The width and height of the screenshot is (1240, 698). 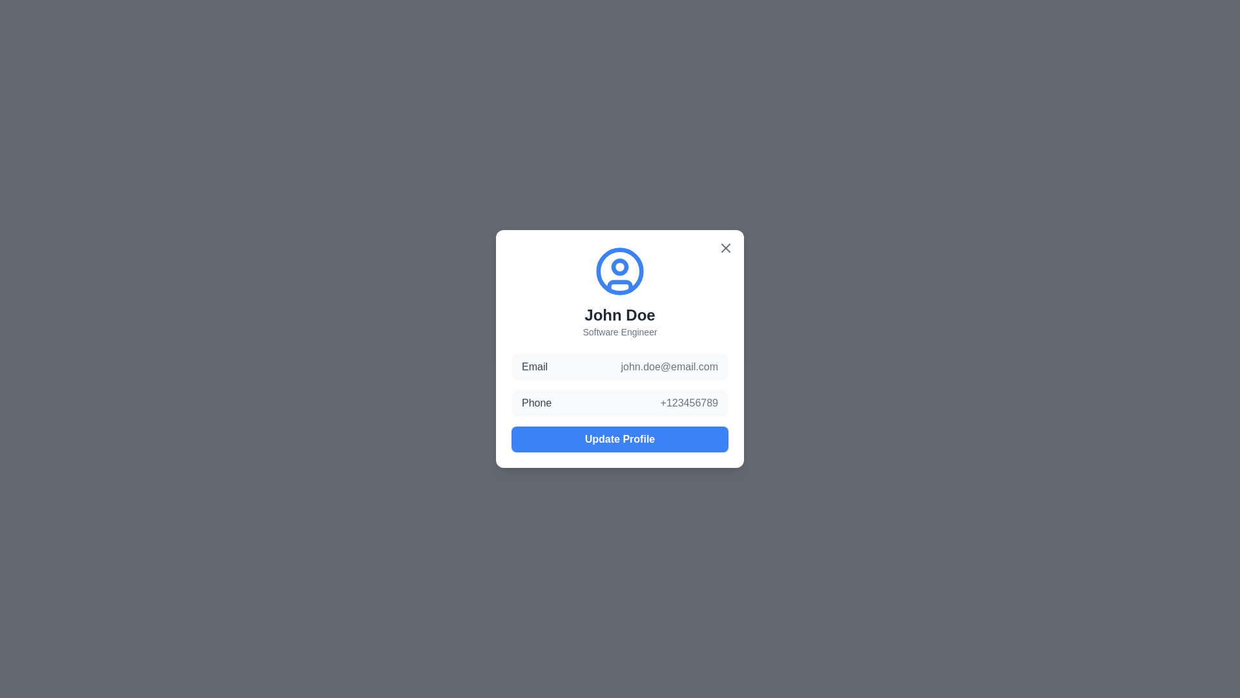 What do you see at coordinates (620, 266) in the screenshot?
I see `the decorative circle with a blue outline and white center, located centrally within the user icon graphic at the top of the user dialog box` at bounding box center [620, 266].